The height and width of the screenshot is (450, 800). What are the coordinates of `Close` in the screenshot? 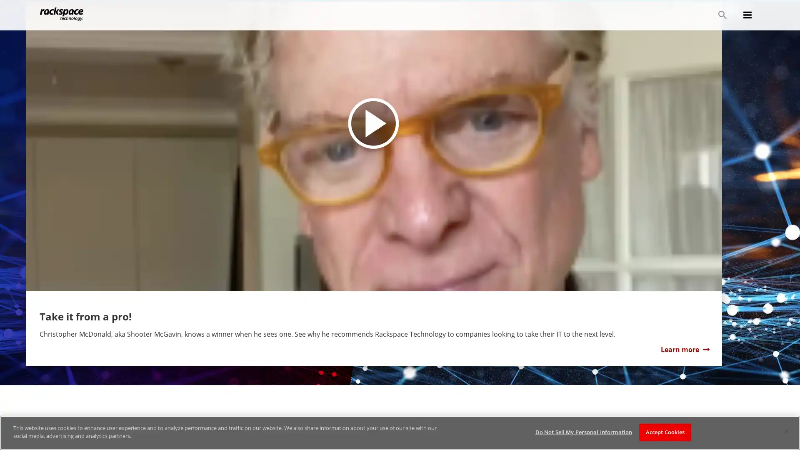 It's located at (786, 431).